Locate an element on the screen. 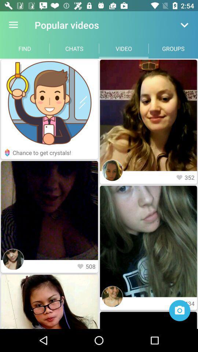 The image size is (198, 352). item next to the video is located at coordinates (173, 48).